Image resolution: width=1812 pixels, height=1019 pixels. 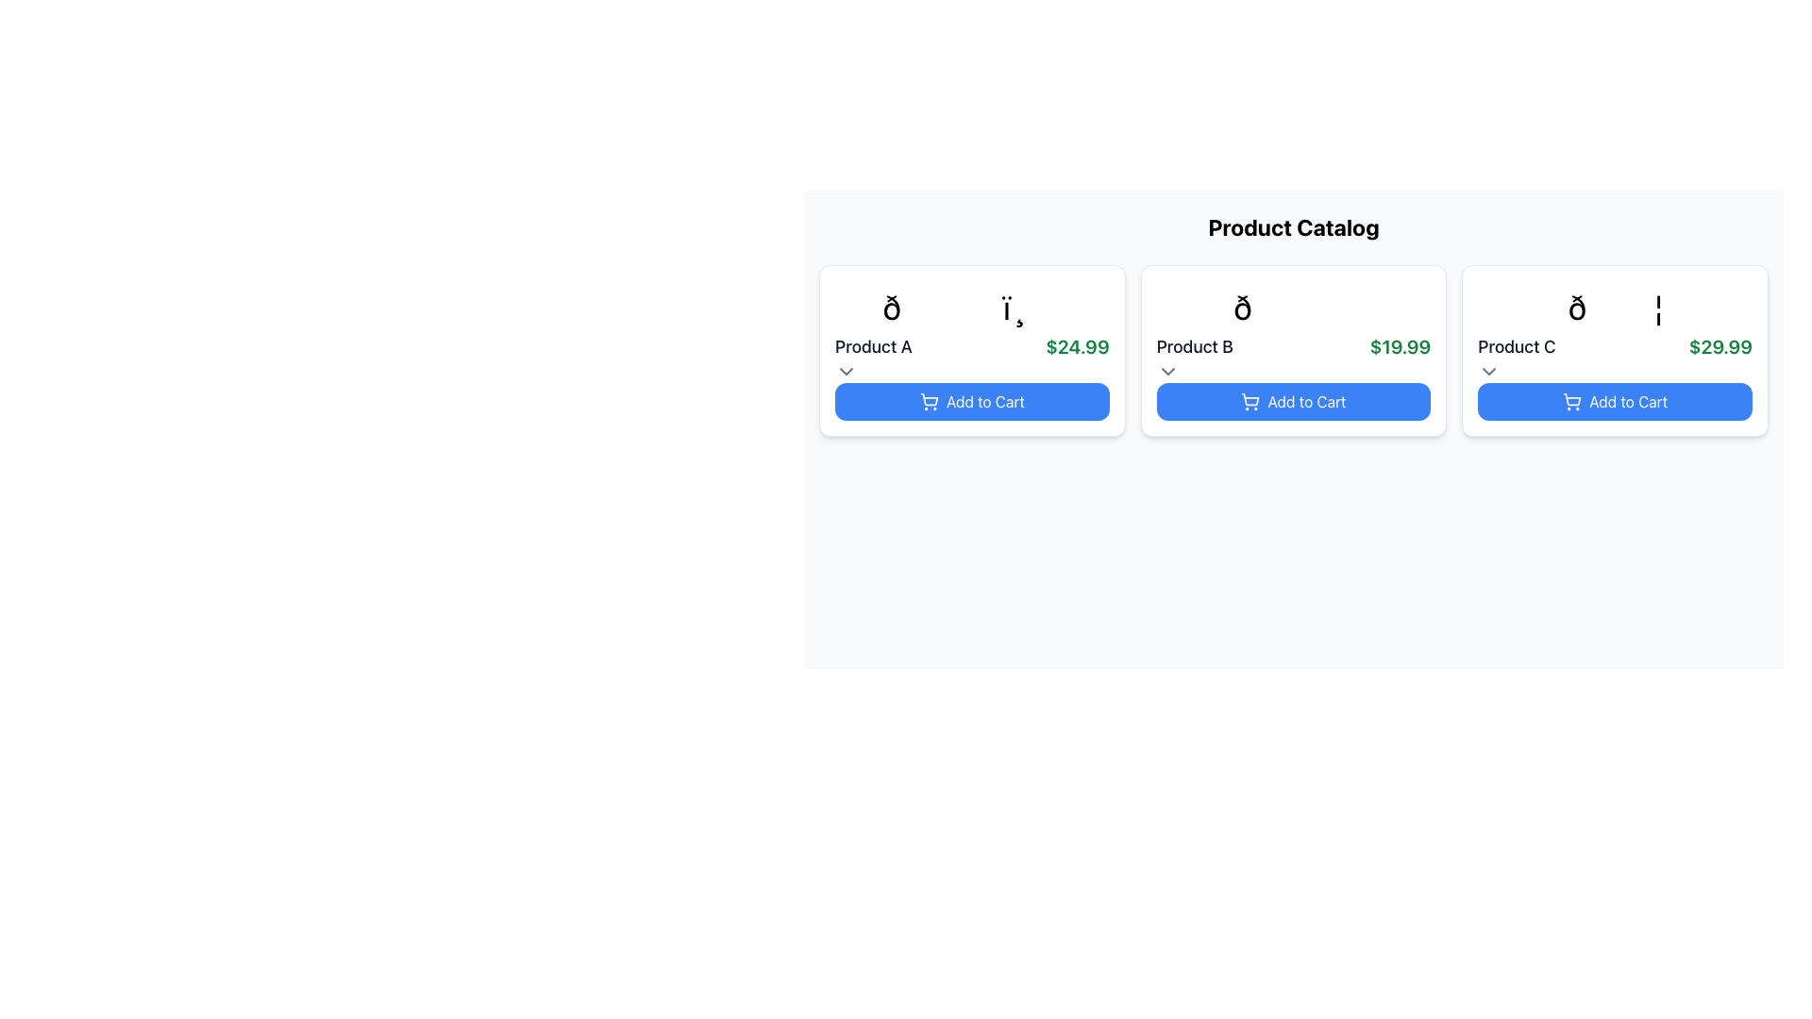 I want to click on the product card displaying information about 'Product B', which is located in the second column of a three-column grid layout between 'Product A' and 'Product C', so click(x=1293, y=350).